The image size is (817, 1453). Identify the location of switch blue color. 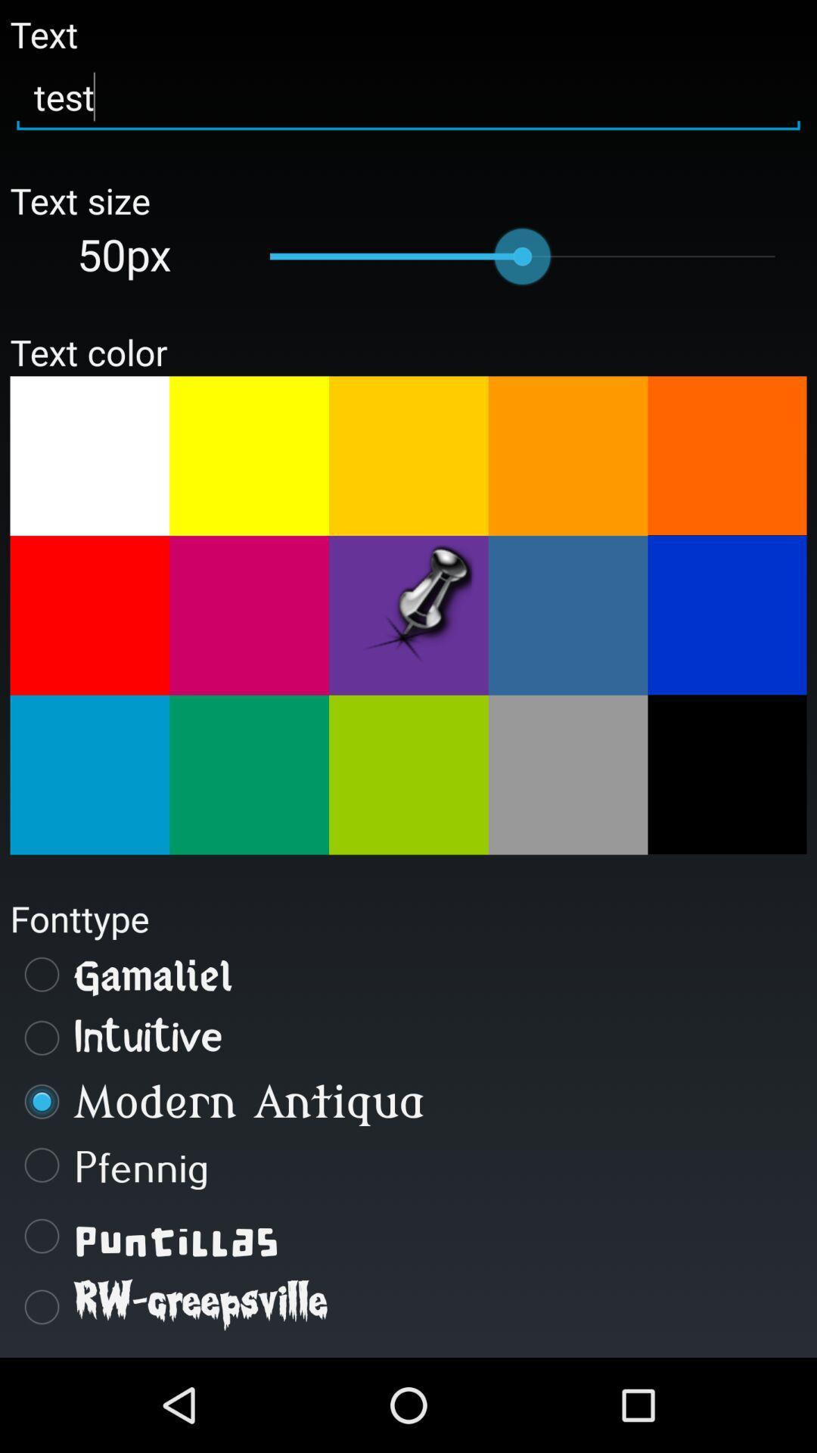
(89, 775).